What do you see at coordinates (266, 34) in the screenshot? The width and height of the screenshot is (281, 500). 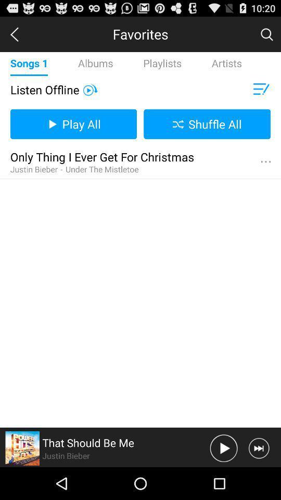 I see `search the favorites list` at bounding box center [266, 34].